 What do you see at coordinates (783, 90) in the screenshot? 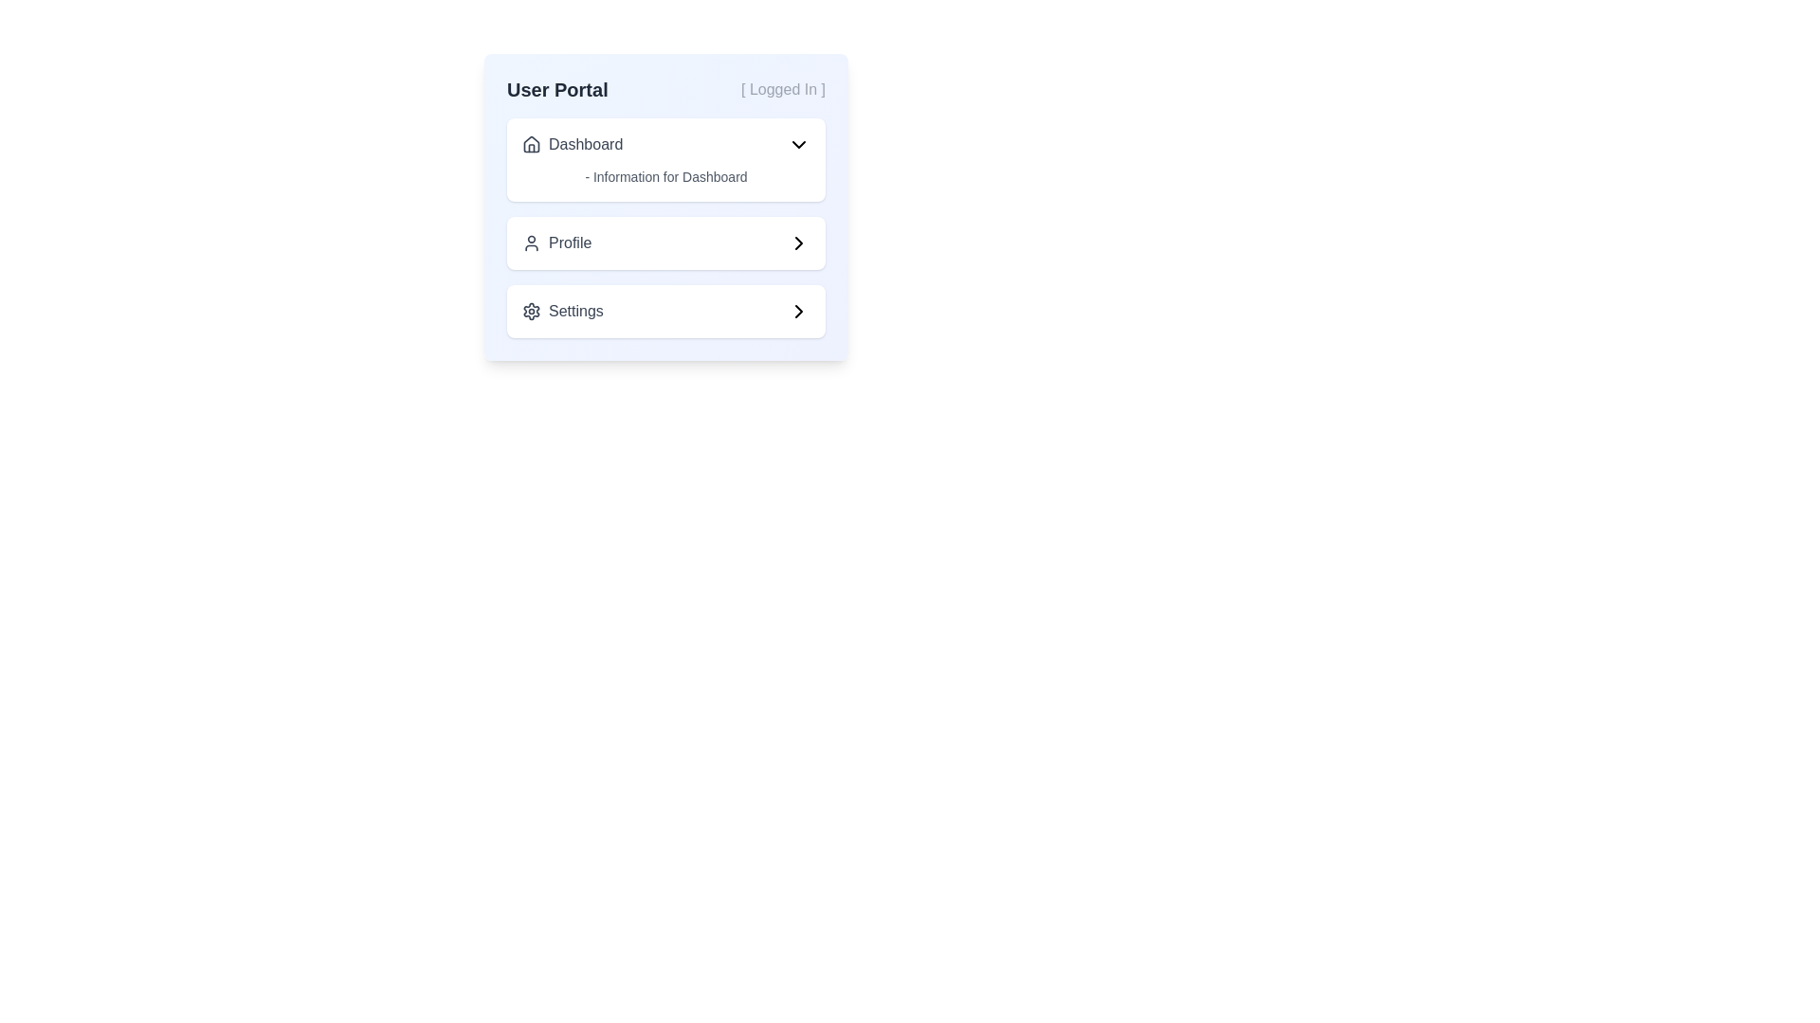
I see `the static text label that displays the logged-in status of the user, located to the right of the 'User Portal' text in the header section` at bounding box center [783, 90].